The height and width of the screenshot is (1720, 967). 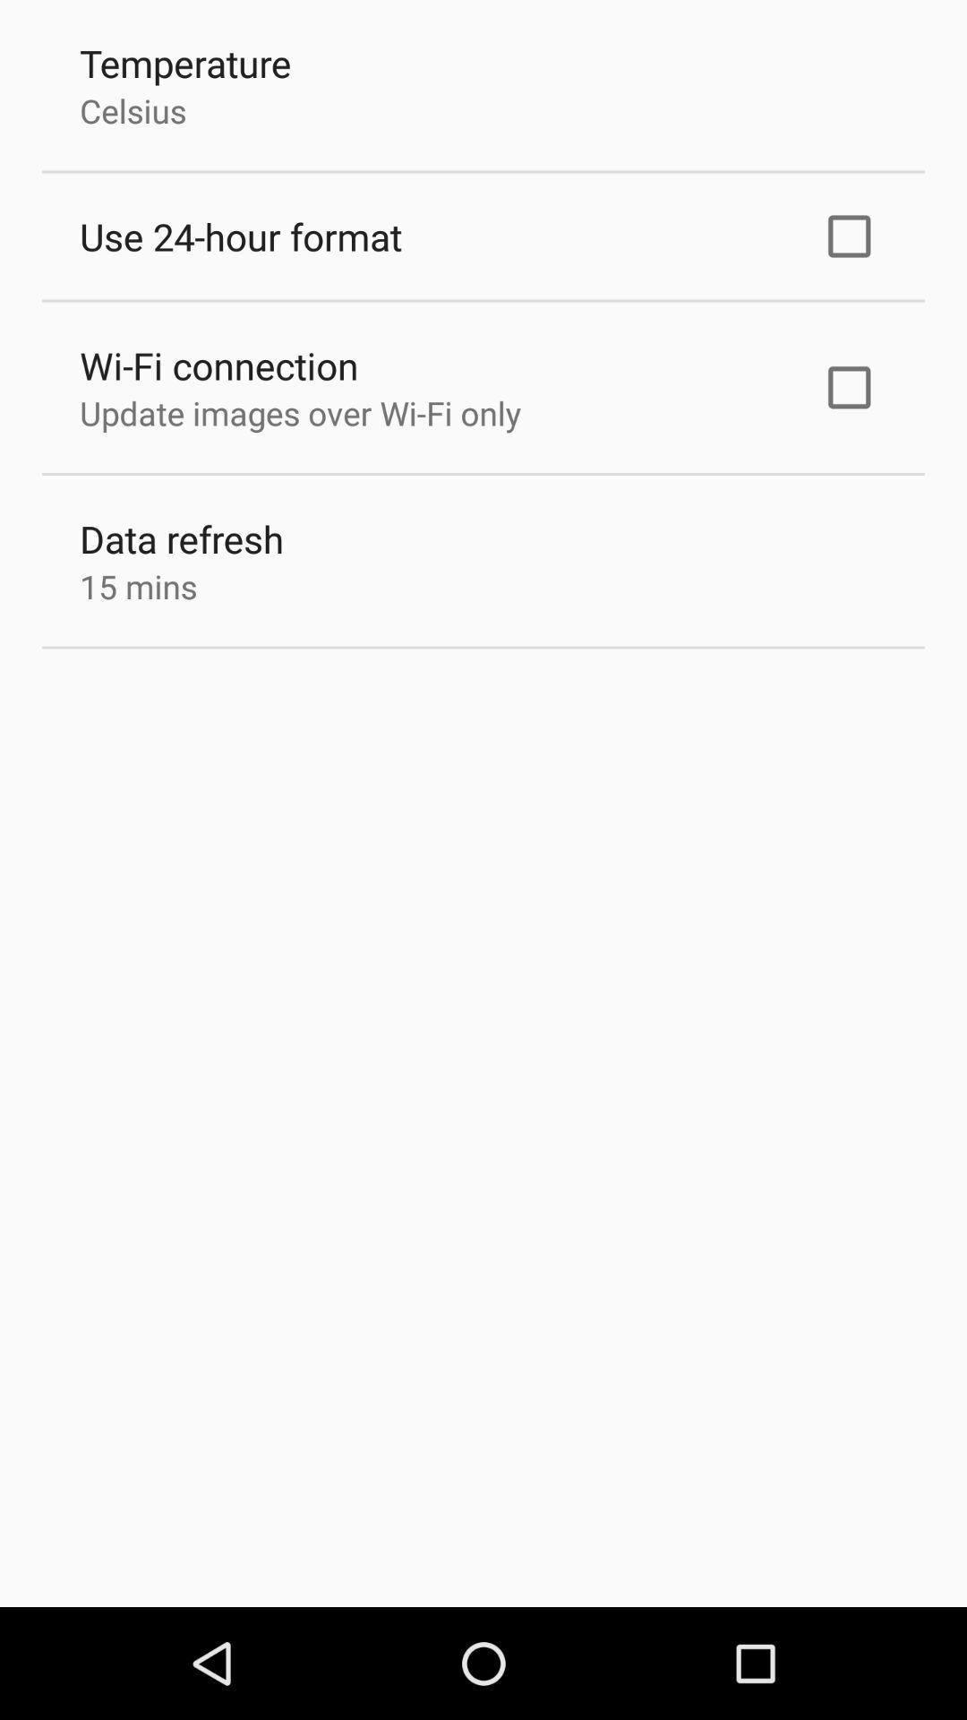 What do you see at coordinates (185, 63) in the screenshot?
I see `the item above the celsius item` at bounding box center [185, 63].